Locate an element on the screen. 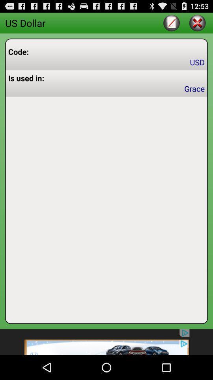 The image size is (213, 380). make a new submission is located at coordinates (171, 22).